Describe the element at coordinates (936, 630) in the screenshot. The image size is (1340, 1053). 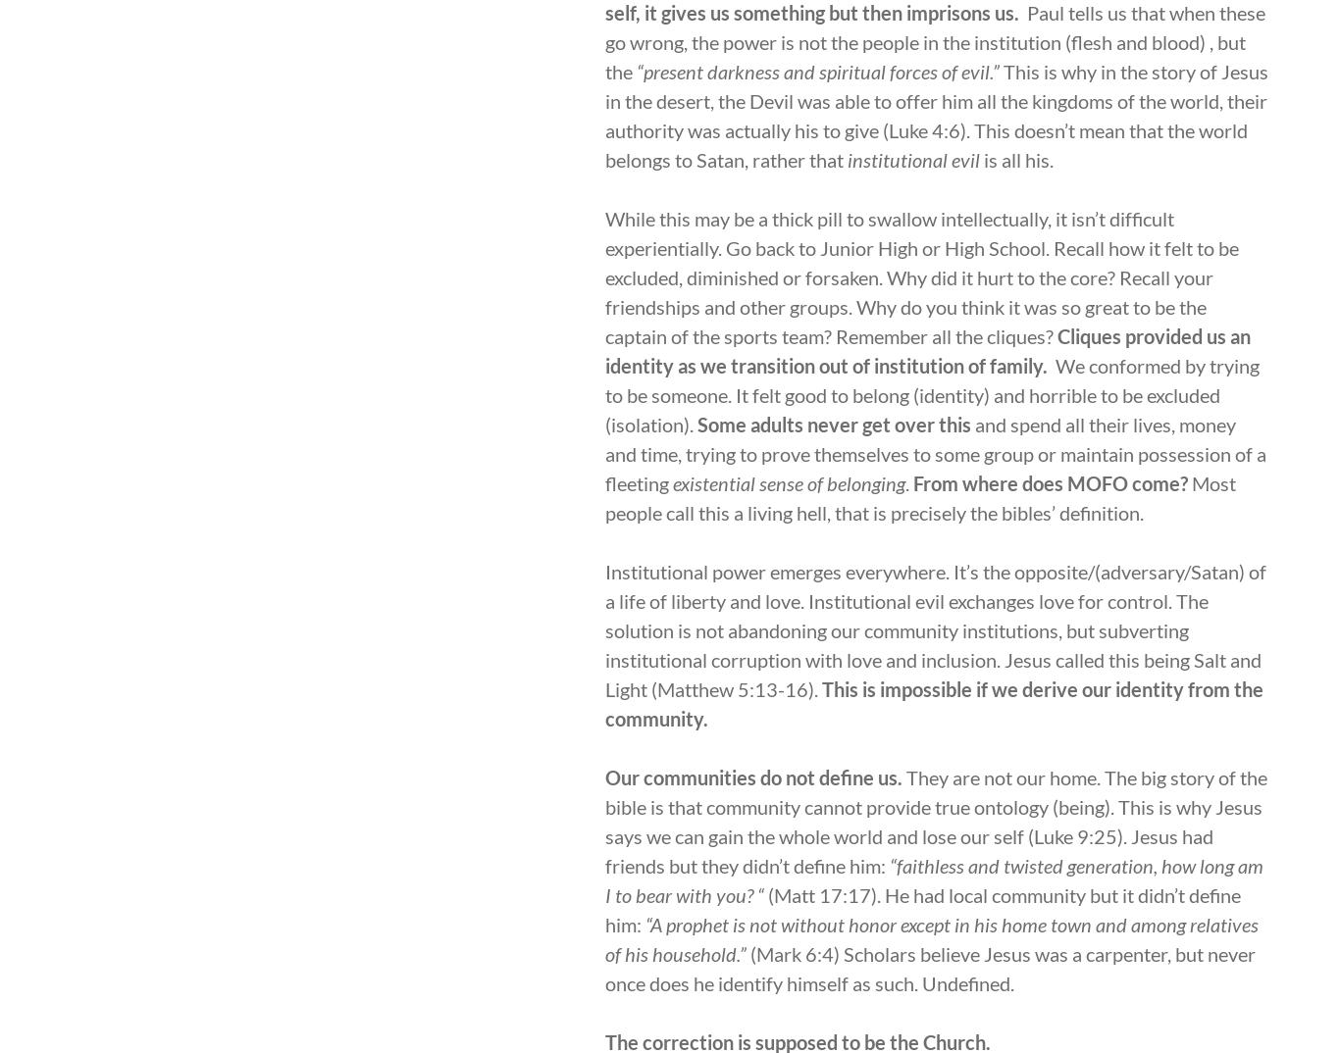
I see `'Institutional power emerges everywhere. It’s the opposite/(adversary/Satan) of a life of liberty and love. Institutional evil exchanges love for control. The solution is not abandoning our community institutions, but subverting institutional corruption with love and inclusion. Jesus called this being Salt and Light (Matthew 5:13-16).'` at that location.